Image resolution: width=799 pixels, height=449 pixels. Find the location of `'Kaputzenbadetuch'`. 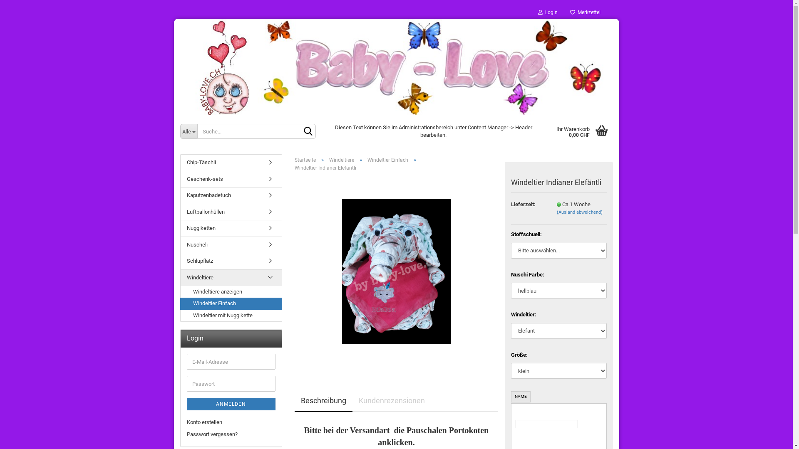

'Kaputzenbadetuch' is located at coordinates (231, 195).